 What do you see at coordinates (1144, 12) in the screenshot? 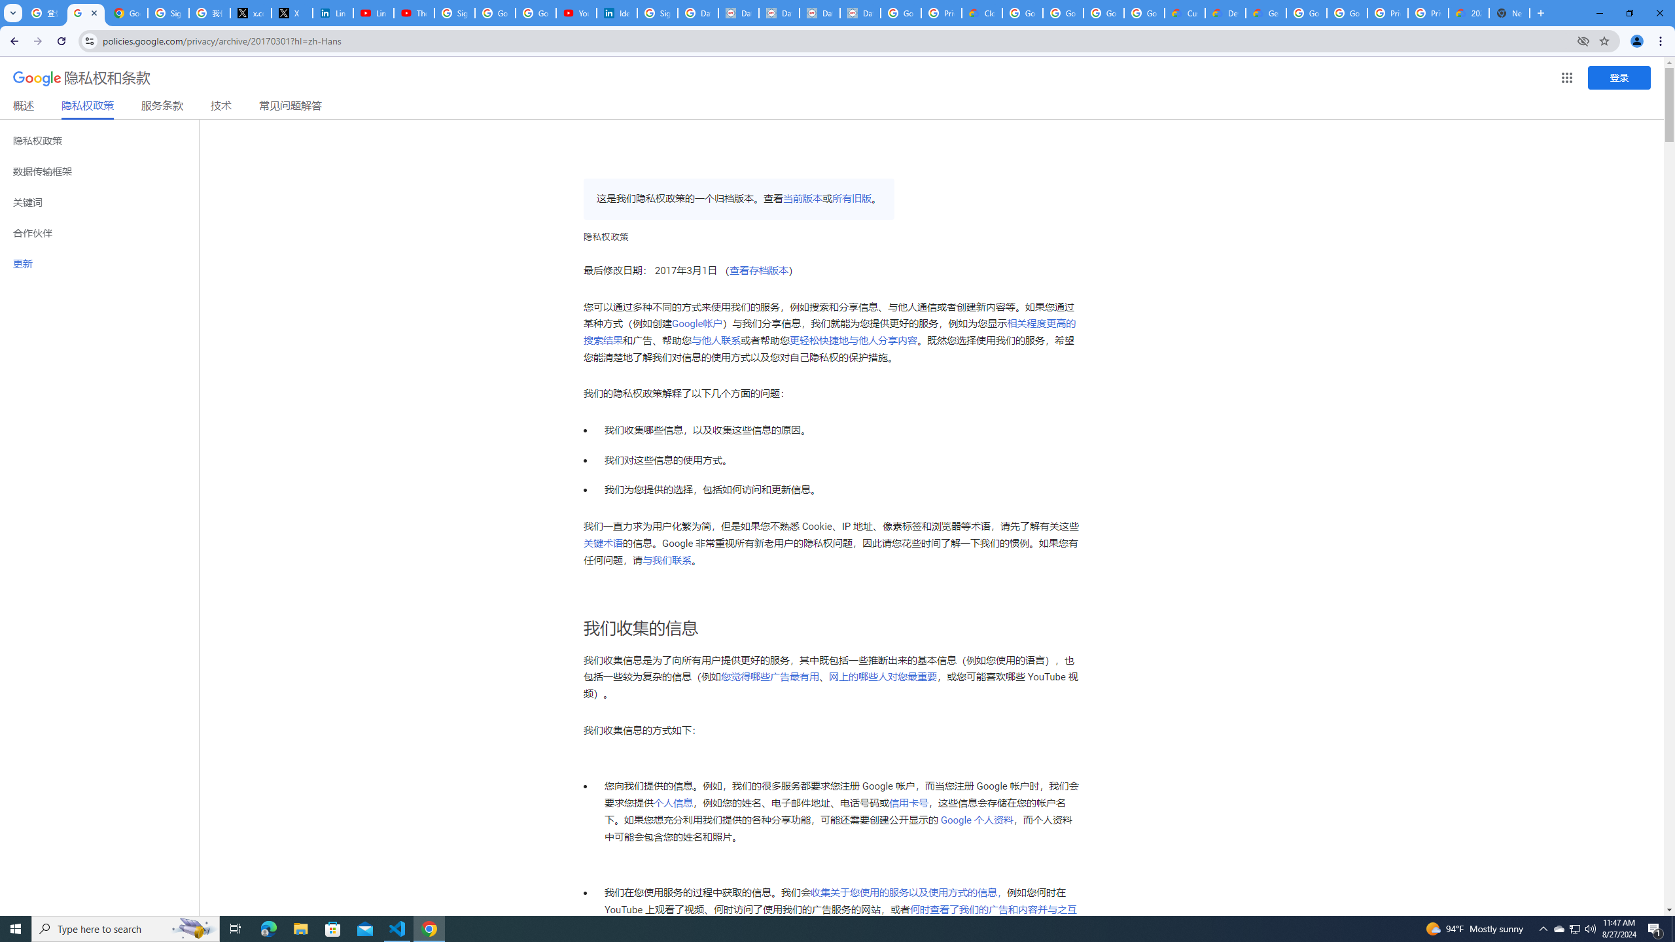
I see `'Google Workspace - Specific Terms'` at bounding box center [1144, 12].